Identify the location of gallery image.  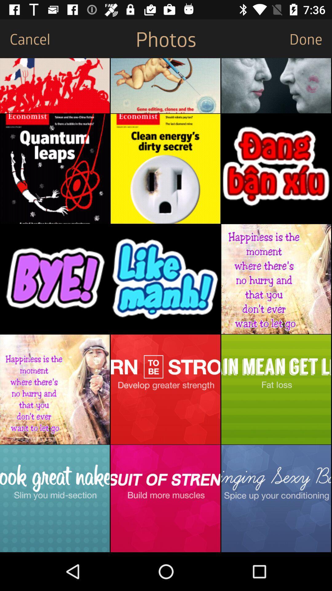
(54, 279).